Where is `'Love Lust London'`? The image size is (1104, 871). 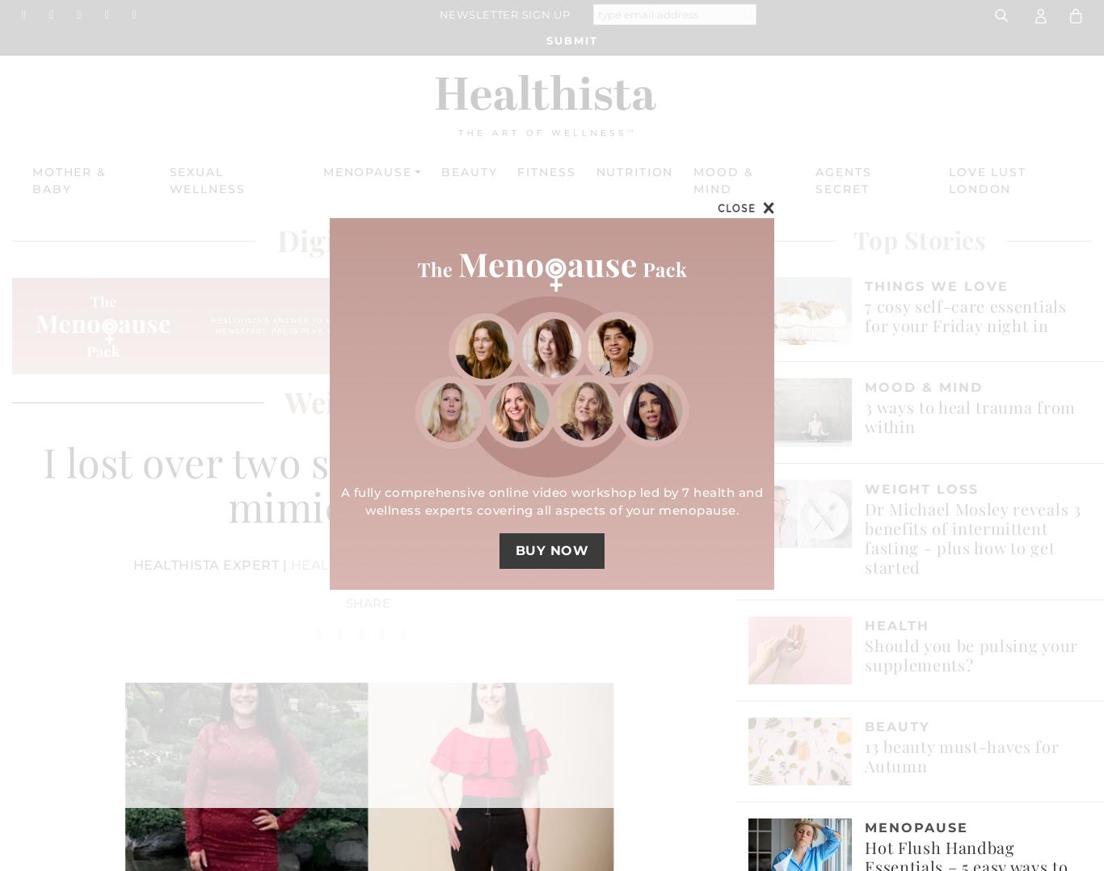 'Love Lust London' is located at coordinates (987, 180).